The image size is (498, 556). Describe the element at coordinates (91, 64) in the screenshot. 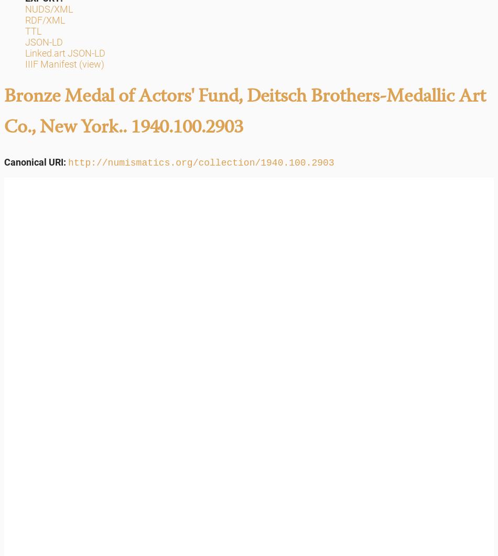

I see `'(view)'` at that location.